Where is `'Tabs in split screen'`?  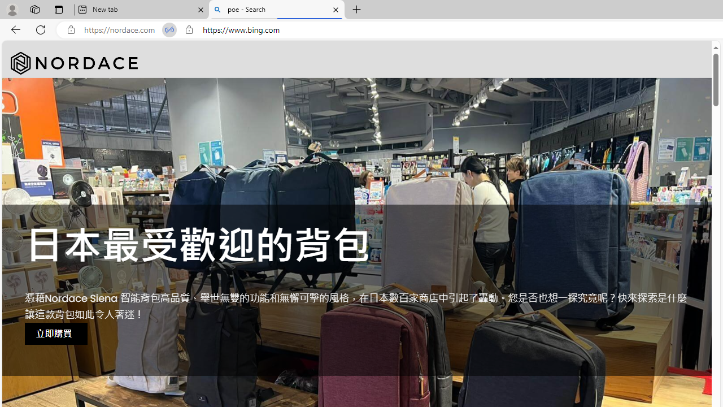 'Tabs in split screen' is located at coordinates (169, 29).